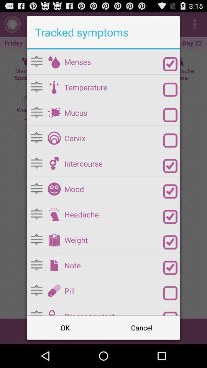  What do you see at coordinates (170, 115) in the screenshot?
I see `select` at bounding box center [170, 115].